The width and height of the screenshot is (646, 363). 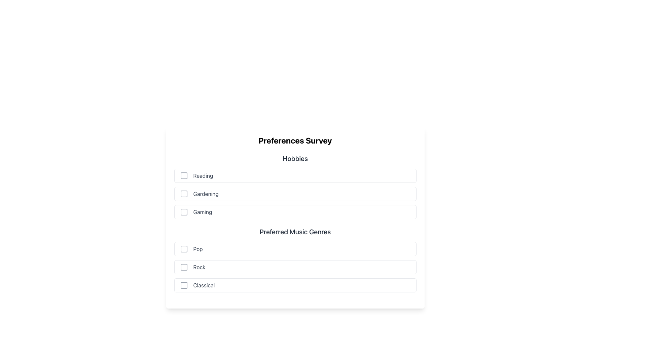 I want to click on the checkbox for the 'Reading' option in the 'Hobbies' section of the 'Preferences Survey' form, so click(x=184, y=175).